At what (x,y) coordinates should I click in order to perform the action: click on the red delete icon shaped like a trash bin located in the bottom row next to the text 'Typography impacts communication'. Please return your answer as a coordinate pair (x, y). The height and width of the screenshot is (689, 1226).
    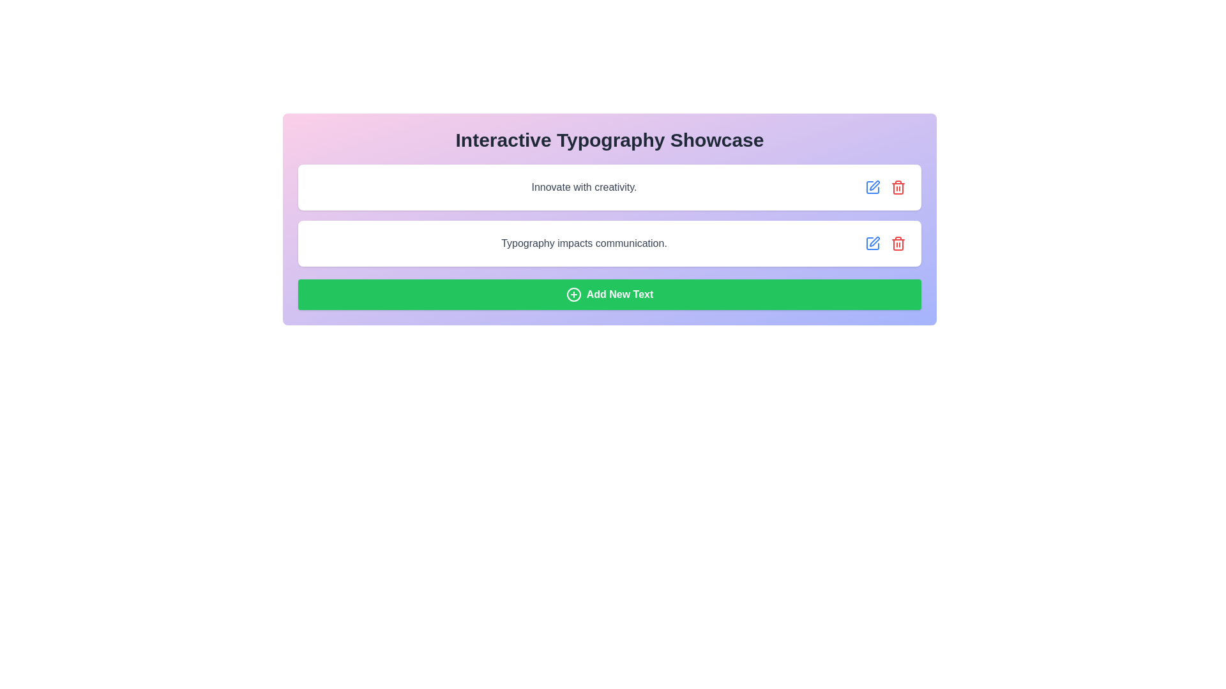
    Looking at the image, I should click on (897, 243).